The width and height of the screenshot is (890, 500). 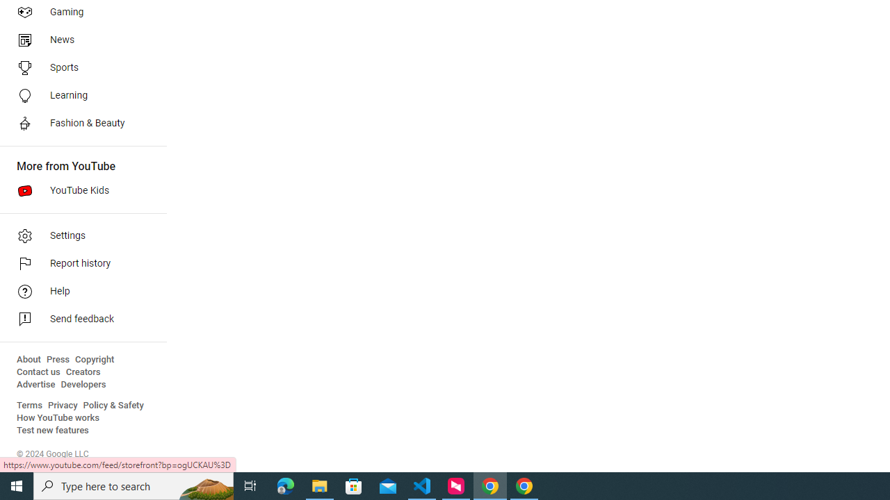 What do you see at coordinates (78, 94) in the screenshot?
I see `'Learning'` at bounding box center [78, 94].